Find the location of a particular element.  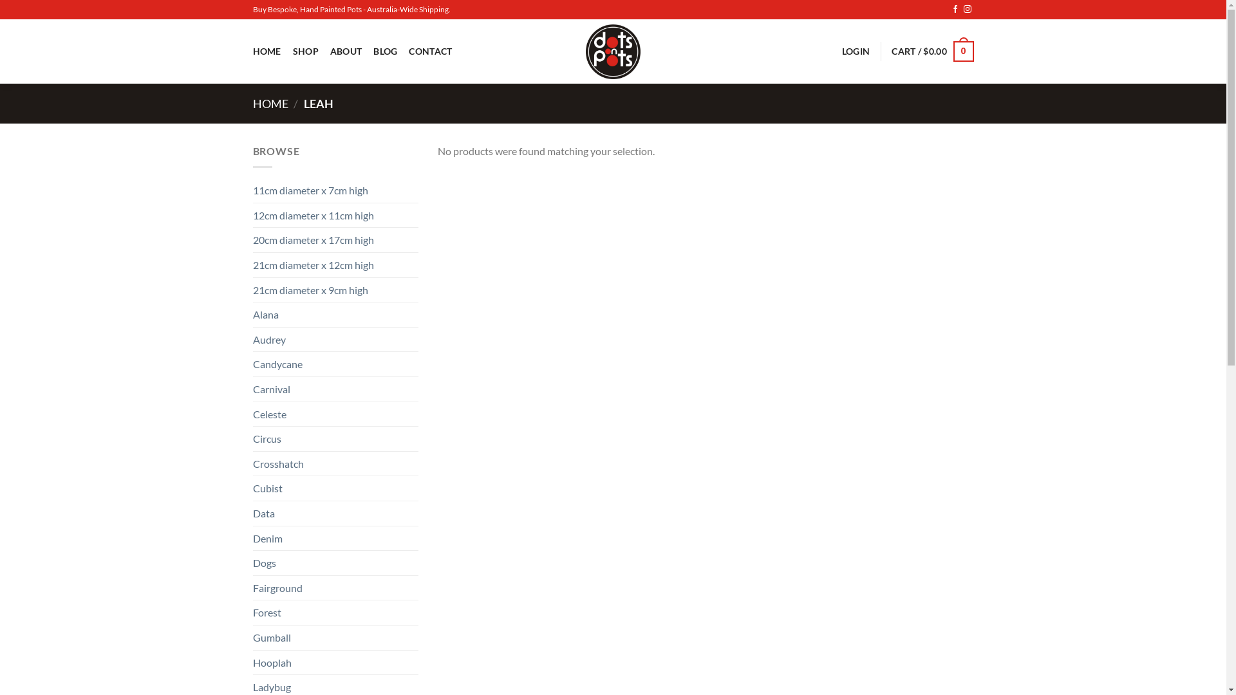

'21cm diameter x 12cm high' is located at coordinates (335, 264).